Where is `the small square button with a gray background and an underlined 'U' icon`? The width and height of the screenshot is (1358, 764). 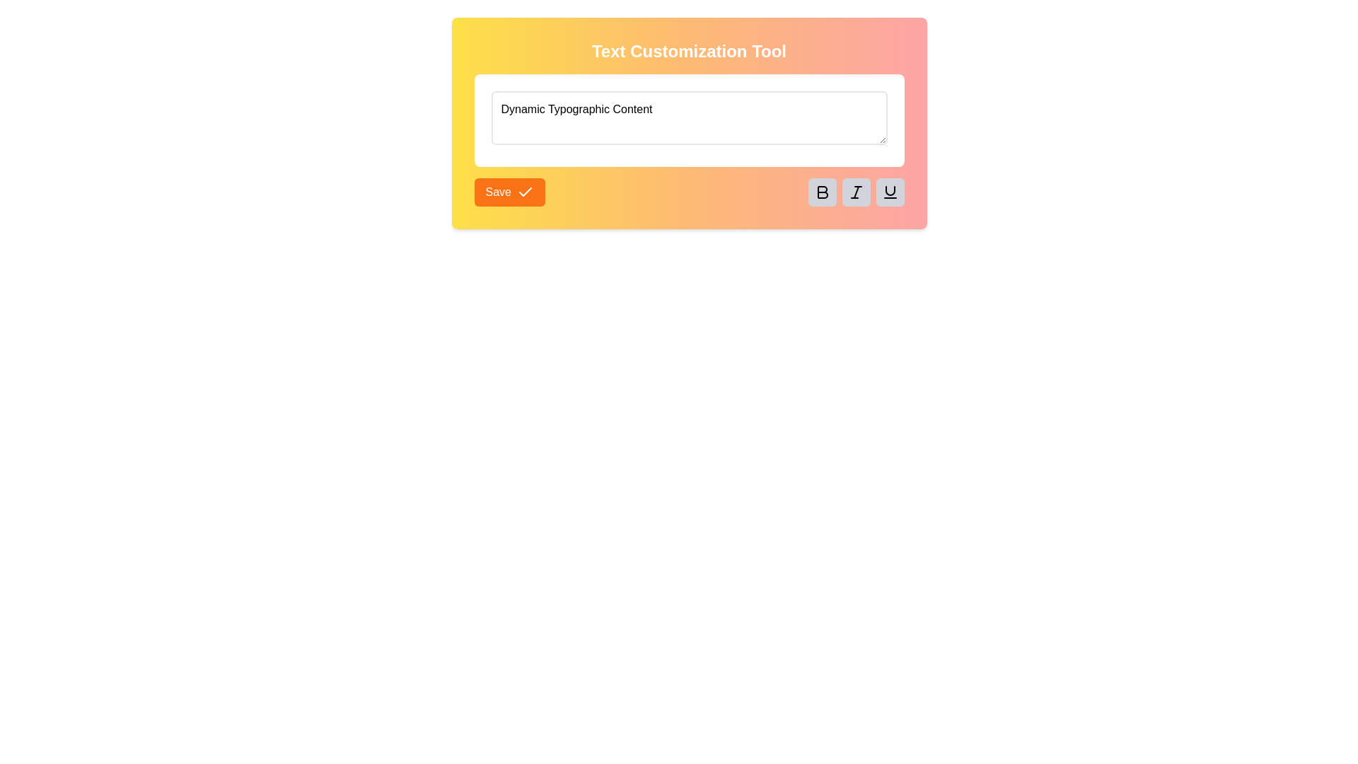
the small square button with a gray background and an underlined 'U' icon is located at coordinates (889, 192).